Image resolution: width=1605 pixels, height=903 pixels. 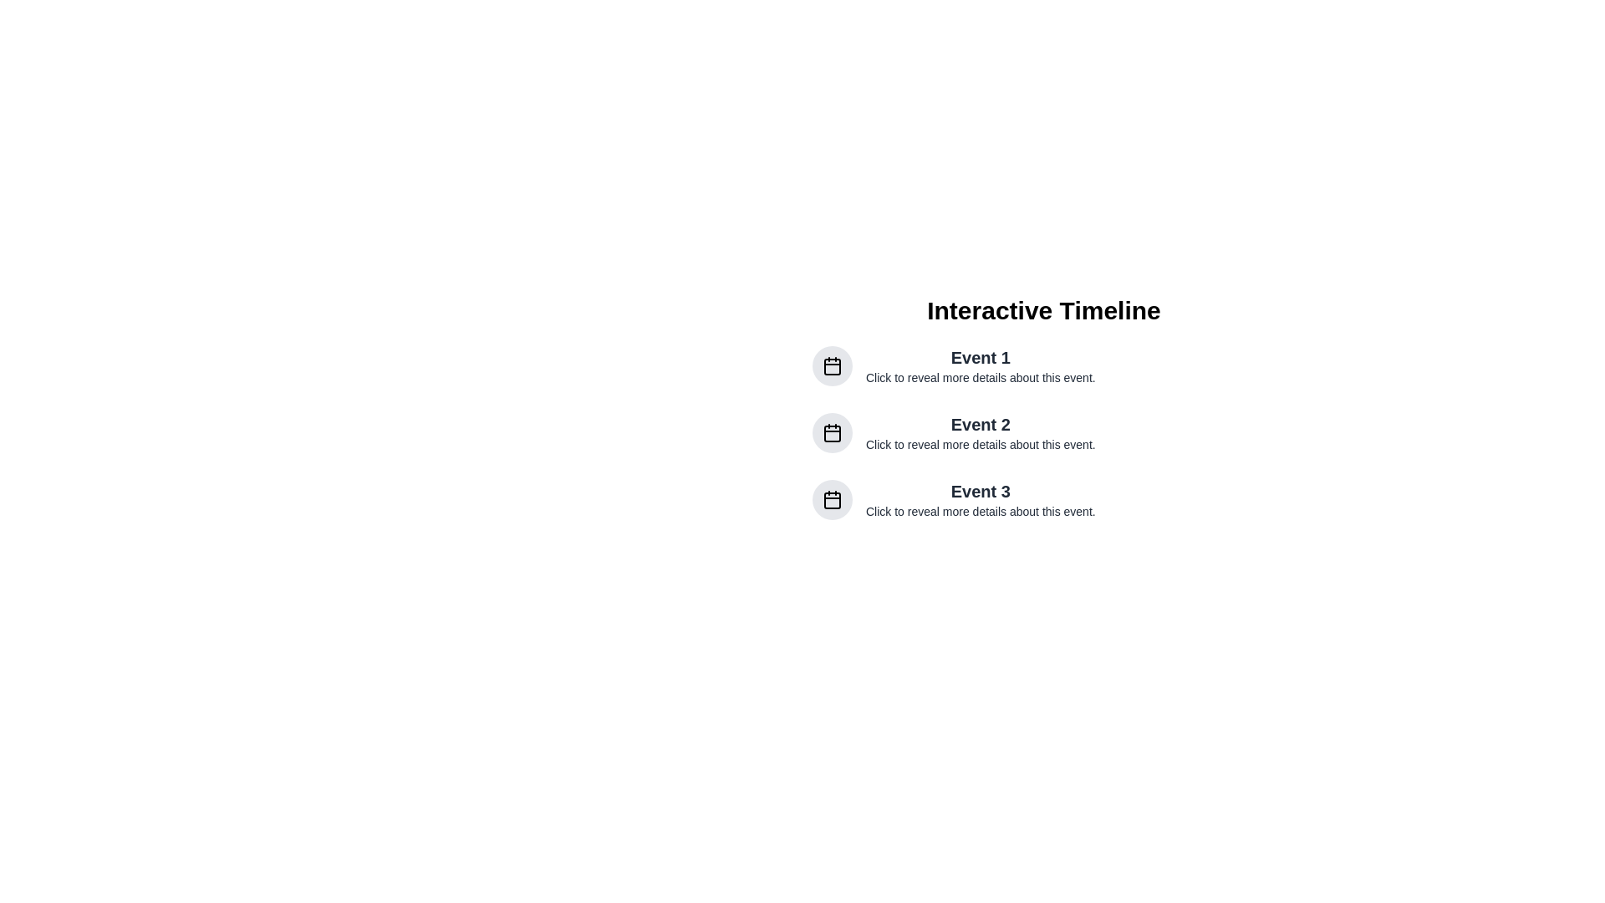 What do you see at coordinates (1042, 498) in the screenshot?
I see `the list item labeled 'Event 3' to interact or expand details about this event` at bounding box center [1042, 498].